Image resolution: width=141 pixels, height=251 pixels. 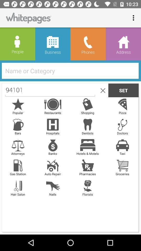 What do you see at coordinates (102, 90) in the screenshot?
I see `the icon to the left of set icon` at bounding box center [102, 90].